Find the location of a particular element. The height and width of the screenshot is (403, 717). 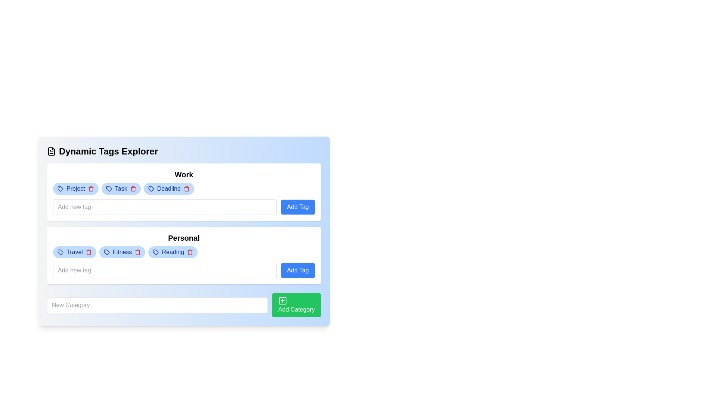

the small dark blue tag icon with a circular hole, which is the first icon inside the 'Deadline' button in the 'Work' category is located at coordinates (150, 188).